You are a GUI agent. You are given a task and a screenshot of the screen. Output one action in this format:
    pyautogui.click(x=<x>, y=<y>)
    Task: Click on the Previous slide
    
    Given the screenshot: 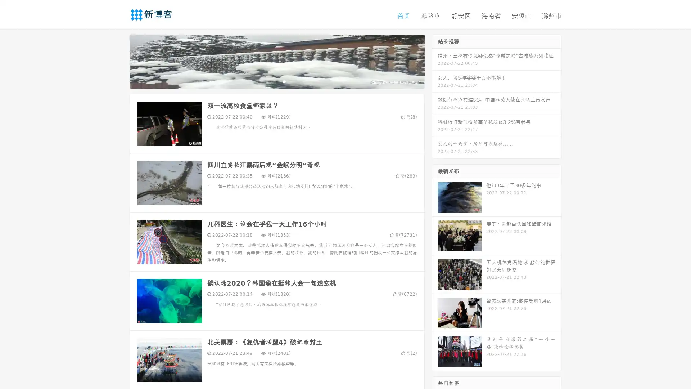 What is the action you would take?
    pyautogui.click(x=119, y=61)
    